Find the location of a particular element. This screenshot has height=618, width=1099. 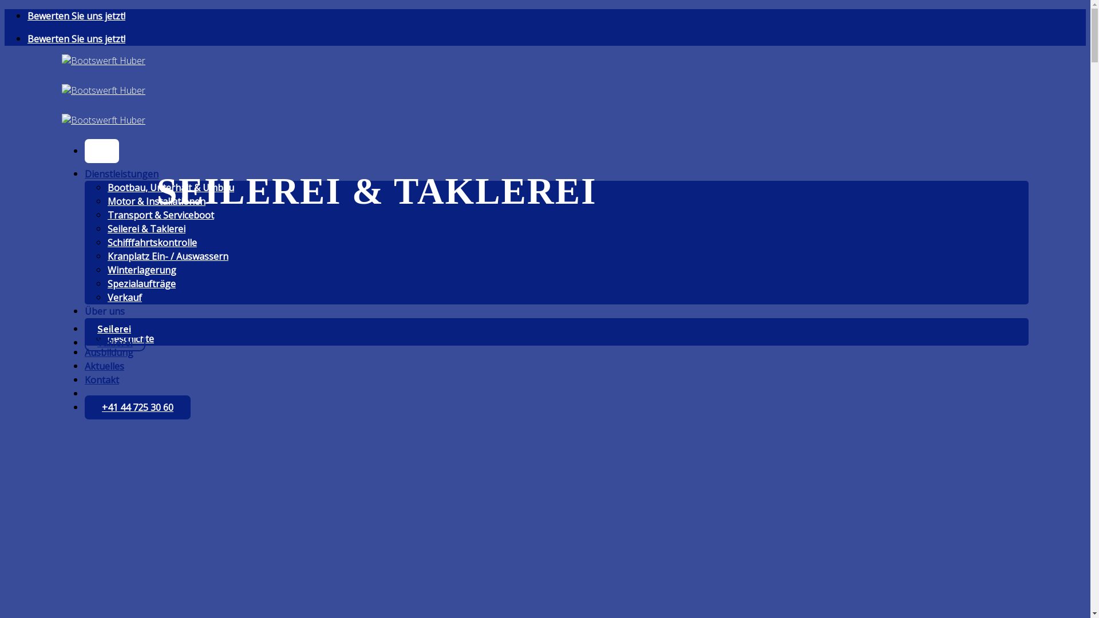

'+41 44 725 30 60' is located at coordinates (137, 407).